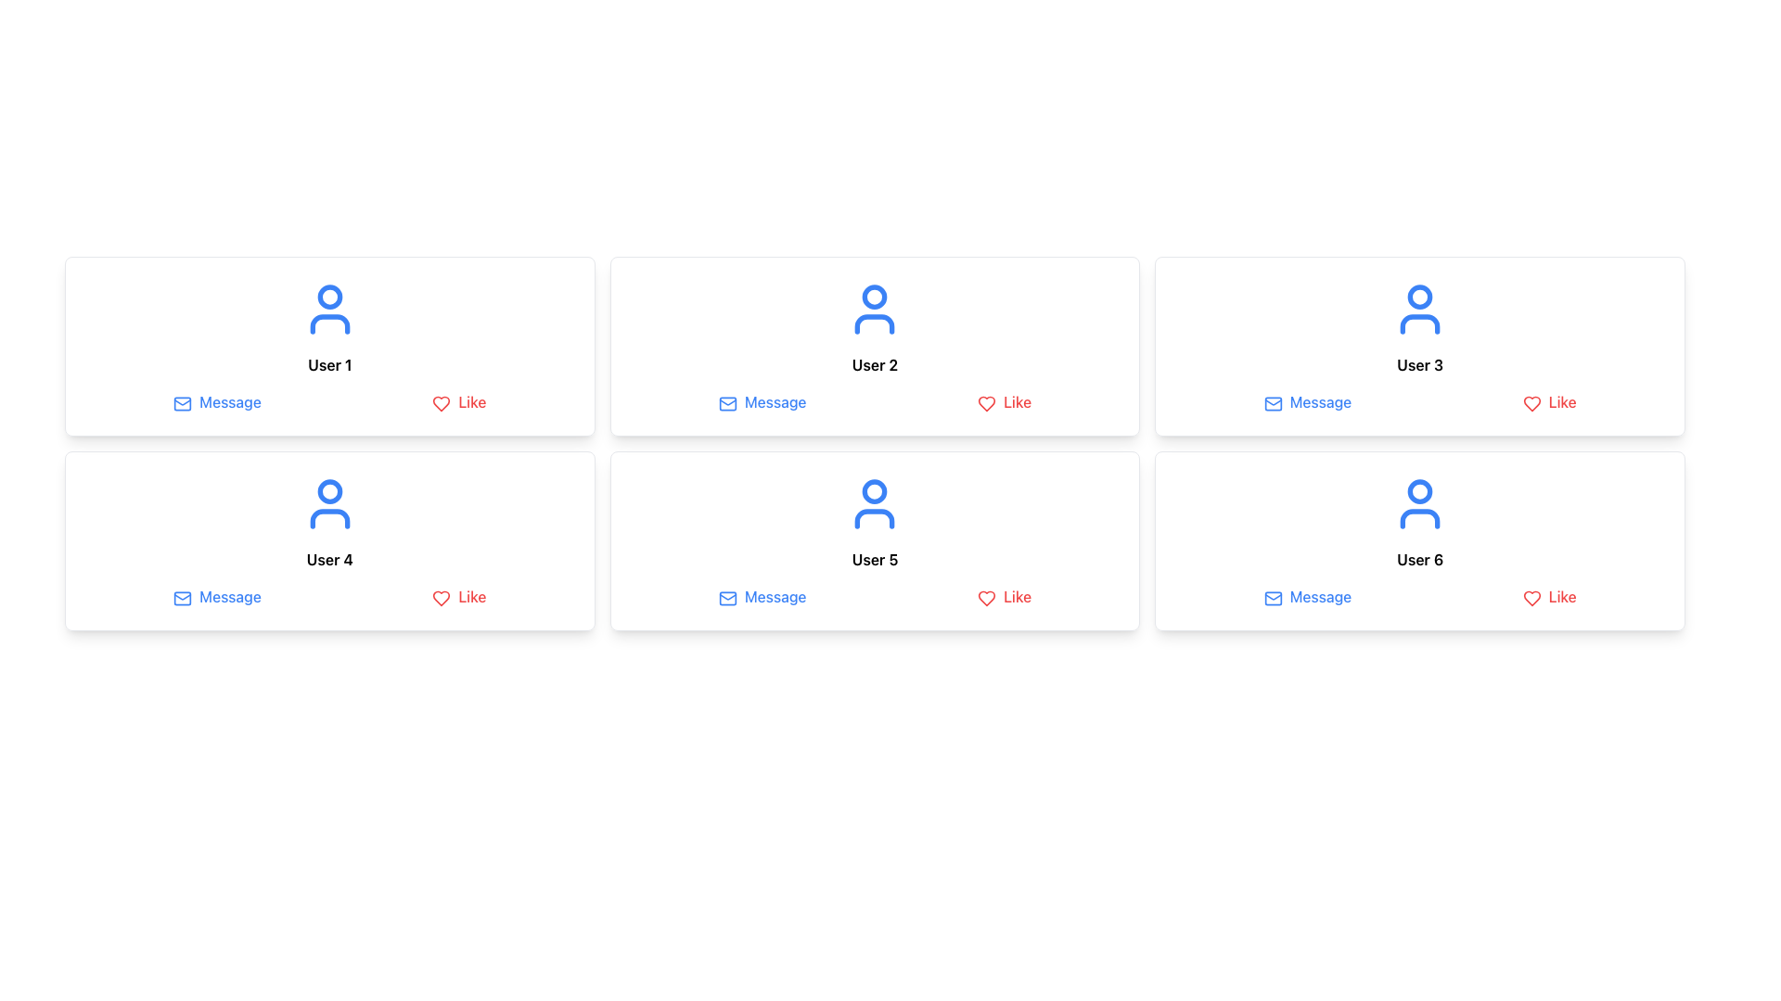 The width and height of the screenshot is (1781, 1001). I want to click on the 'Like' button associated with 'User 2' profile located in the second cell of the first row in the grid layout to mark appreciation, so click(1004, 401).